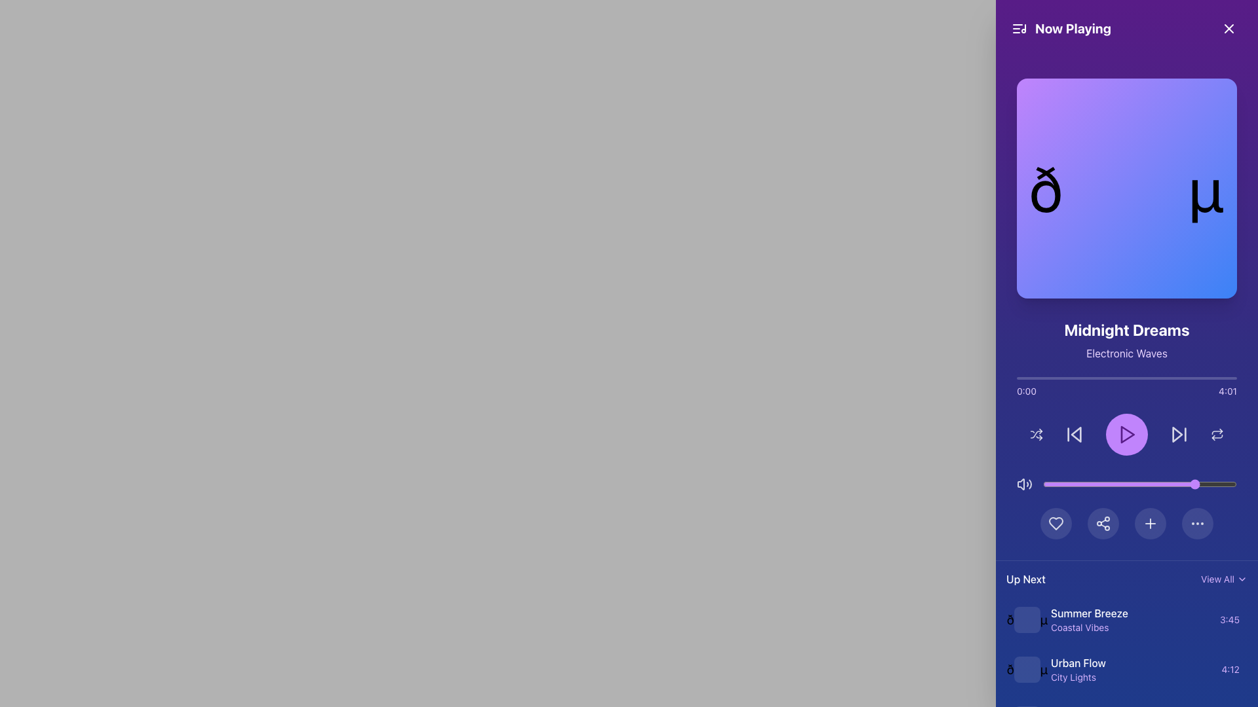  What do you see at coordinates (1230, 669) in the screenshot?
I see `the song duration displayed as '4:12' in purple color located in the lower-right corner of the song entry in the 'Up Next' playlist section` at bounding box center [1230, 669].